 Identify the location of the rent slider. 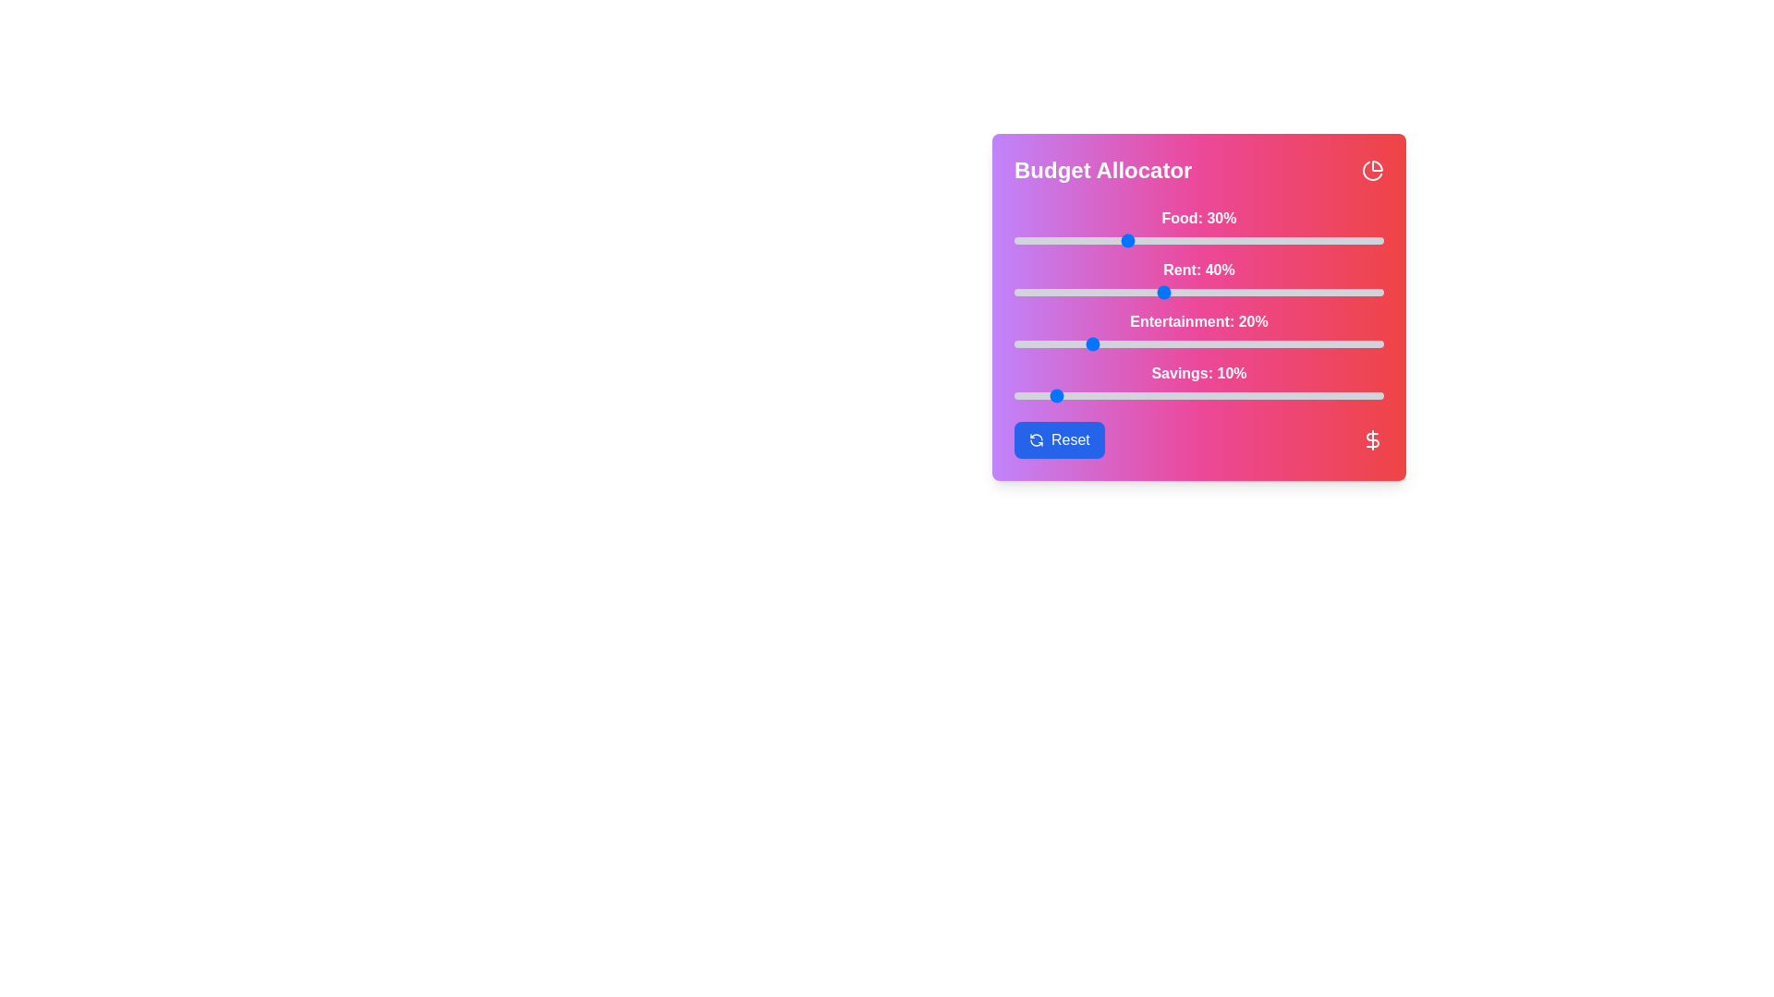
(1316, 291).